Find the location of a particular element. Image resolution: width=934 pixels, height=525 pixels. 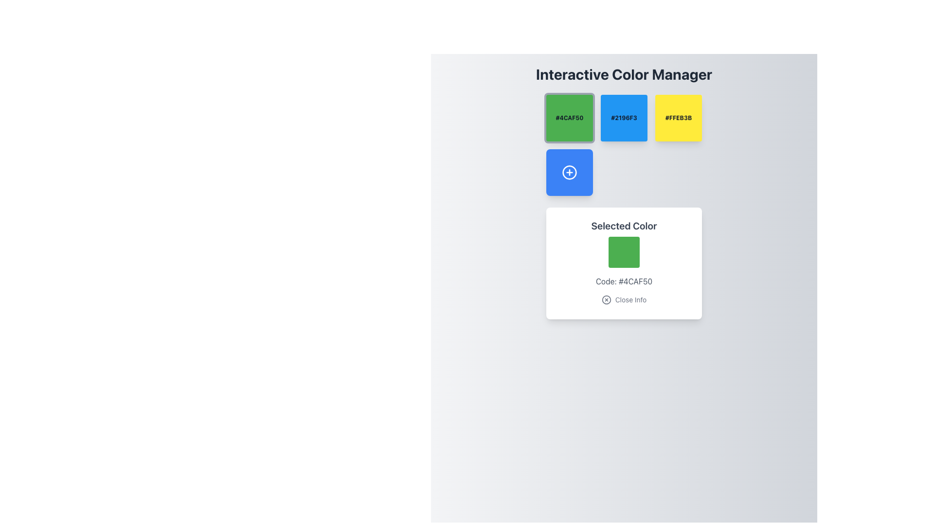

the small text label displaying the hex color code '#FFEB3B' is located at coordinates (678, 118).